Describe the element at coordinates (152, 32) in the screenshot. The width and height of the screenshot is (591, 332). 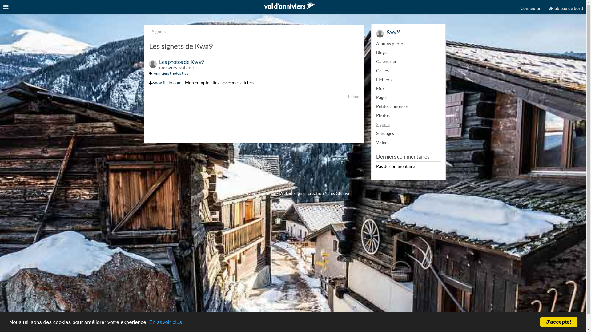
I see `'Signets'` at that location.